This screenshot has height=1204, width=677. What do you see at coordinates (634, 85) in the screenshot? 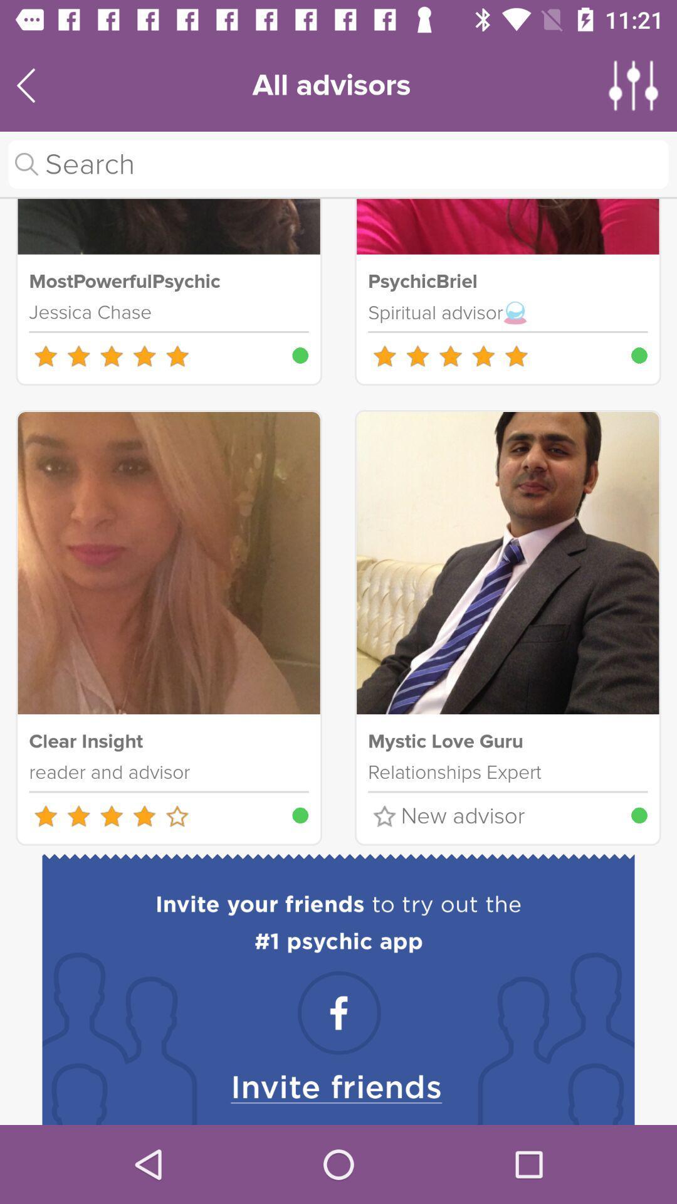
I see `the item to the right of all advisors icon` at bounding box center [634, 85].